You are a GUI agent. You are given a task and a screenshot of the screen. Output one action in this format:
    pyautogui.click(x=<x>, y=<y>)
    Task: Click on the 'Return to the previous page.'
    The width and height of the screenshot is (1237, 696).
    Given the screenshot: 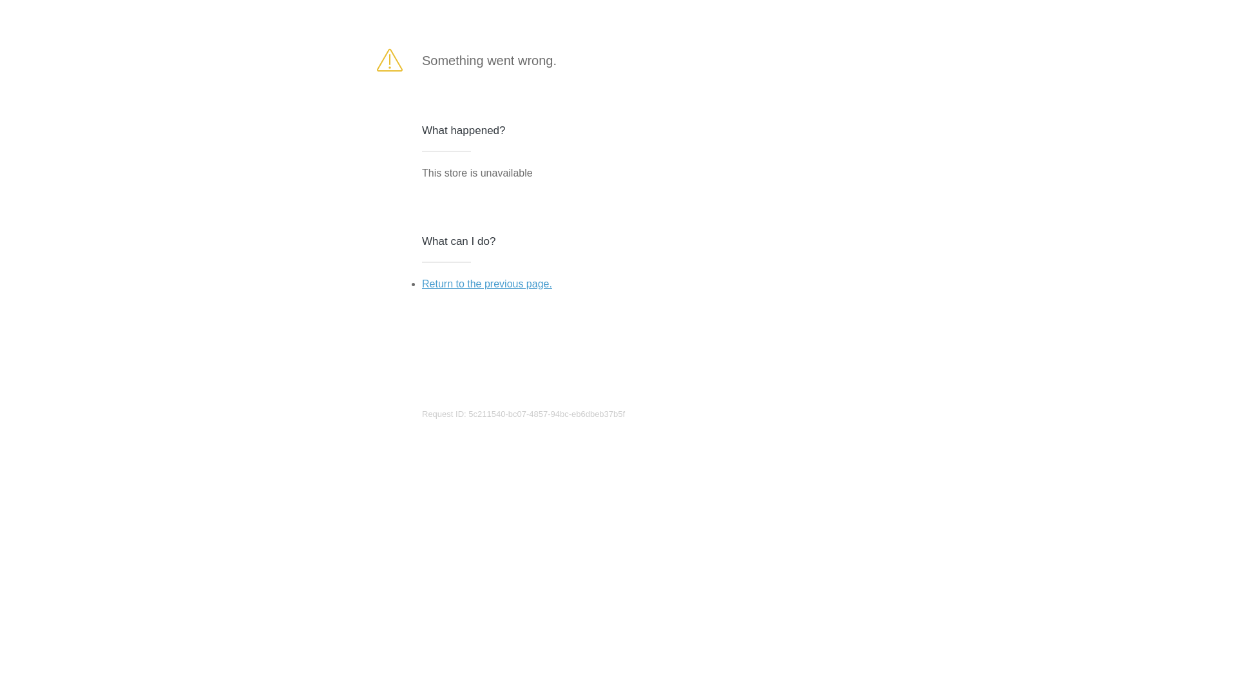 What is the action you would take?
    pyautogui.click(x=486, y=283)
    